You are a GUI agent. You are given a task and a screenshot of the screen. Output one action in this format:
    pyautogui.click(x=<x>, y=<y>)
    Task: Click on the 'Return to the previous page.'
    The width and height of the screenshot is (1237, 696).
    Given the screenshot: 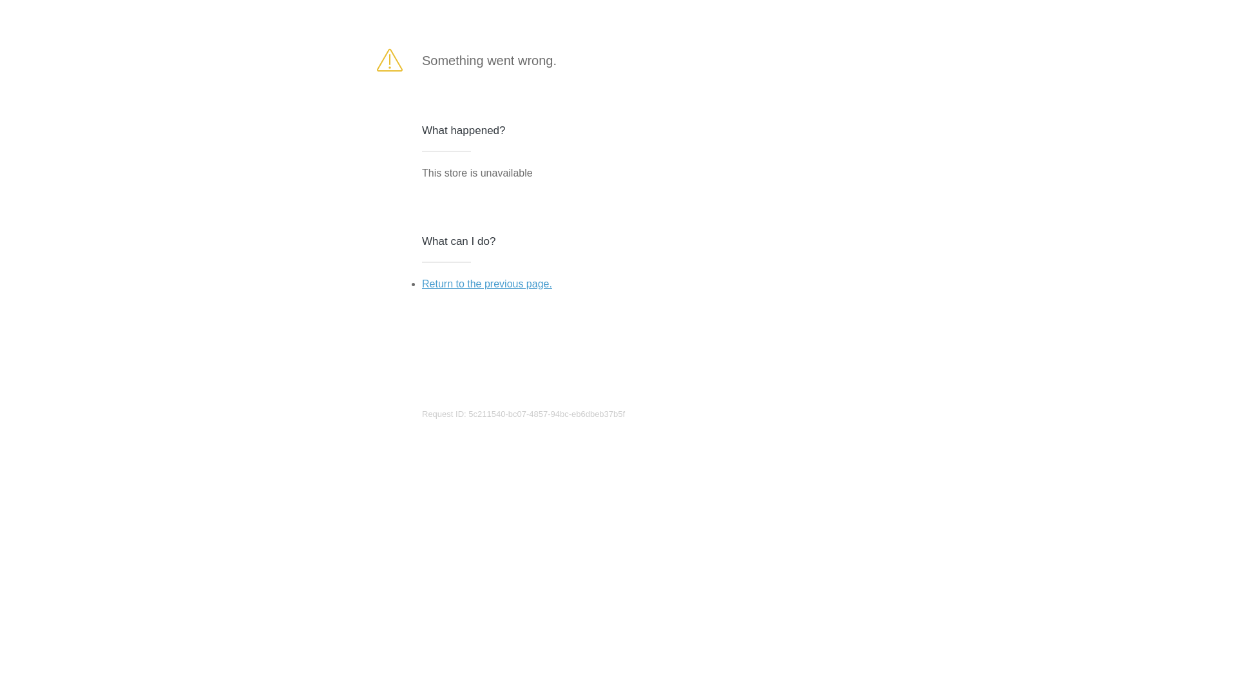 What is the action you would take?
    pyautogui.click(x=486, y=283)
    